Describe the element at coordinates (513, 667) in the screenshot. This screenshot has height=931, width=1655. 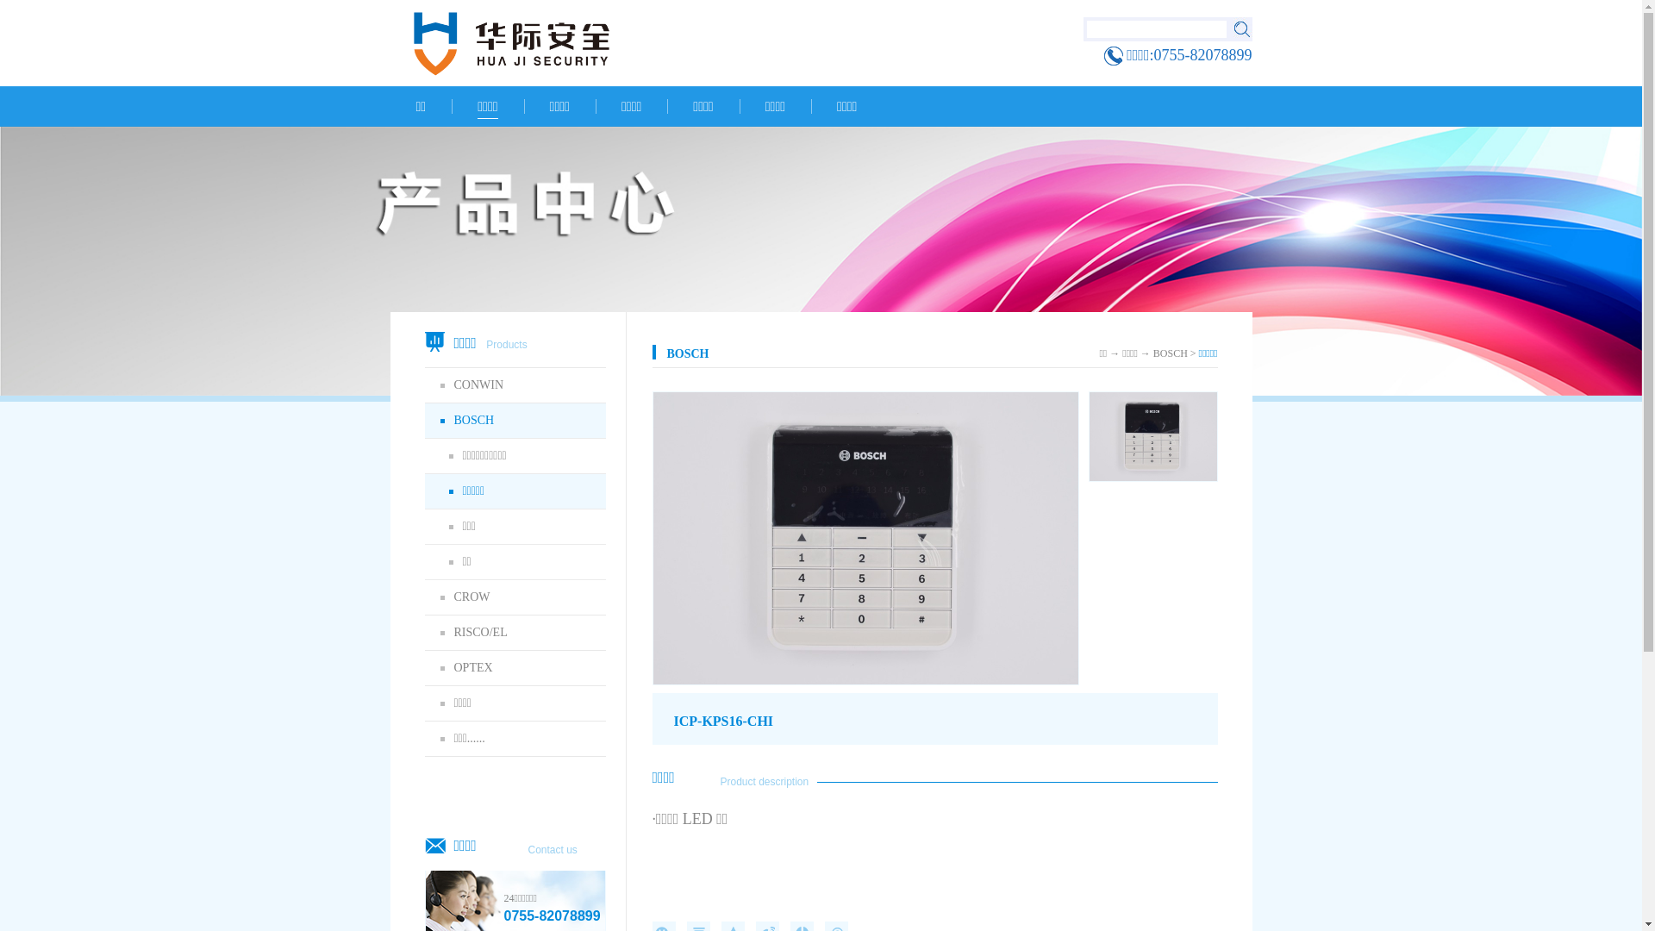
I see `'OPTEX'` at that location.